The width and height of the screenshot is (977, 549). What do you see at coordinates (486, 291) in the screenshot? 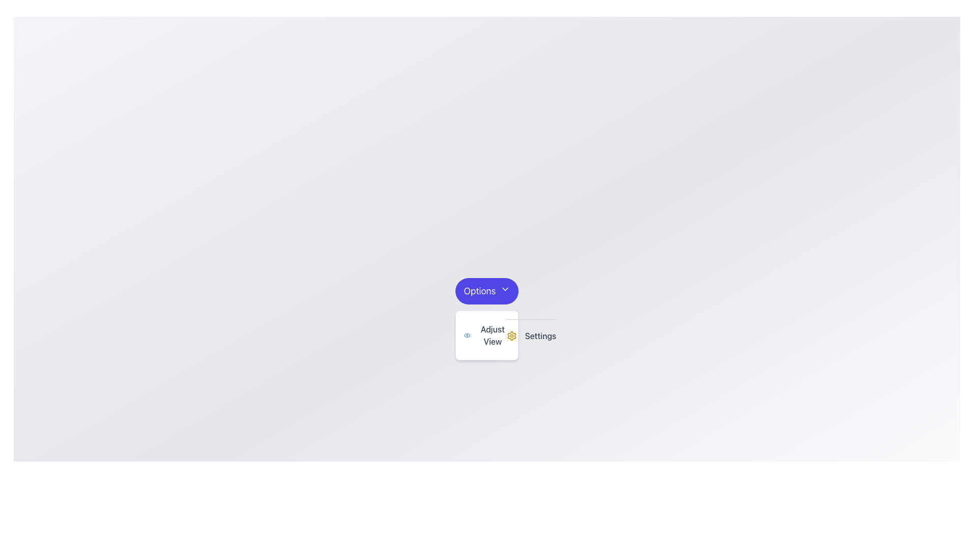
I see `the dropdown trigger button located centrally at the top of the dropdown menu` at bounding box center [486, 291].